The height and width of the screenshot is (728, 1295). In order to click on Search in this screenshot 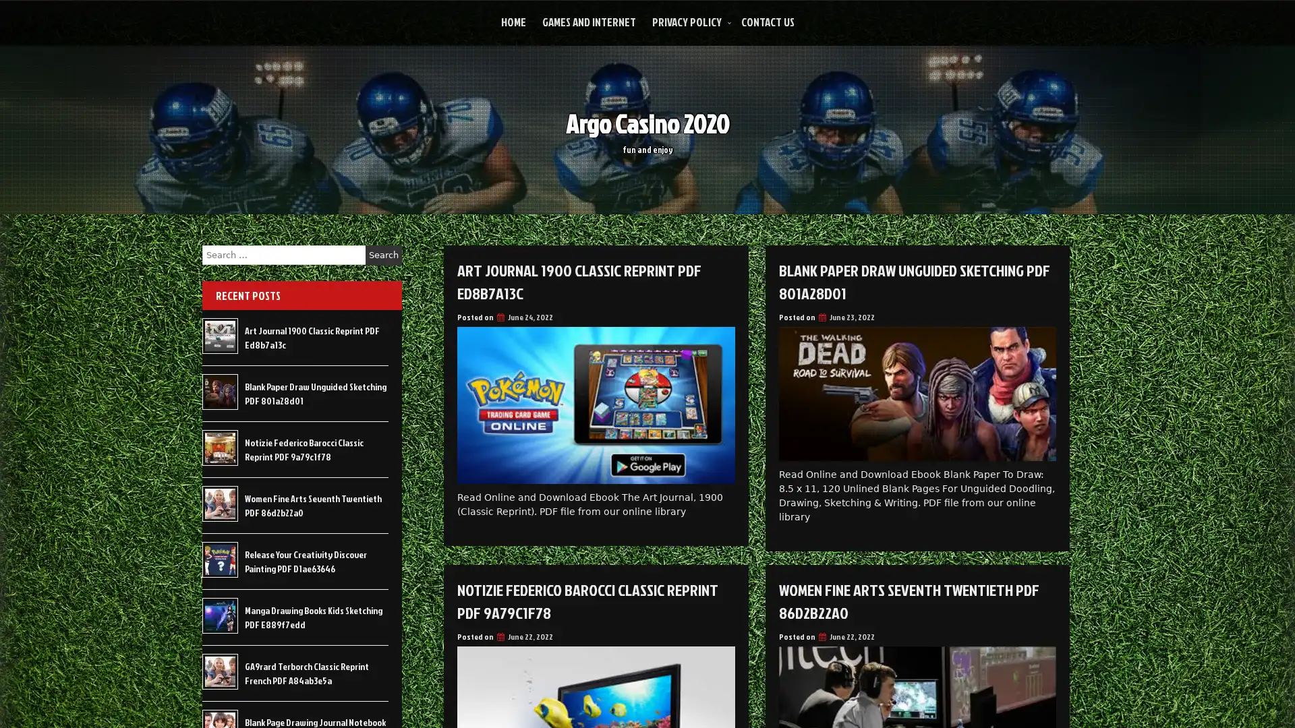, I will do `click(383, 255)`.